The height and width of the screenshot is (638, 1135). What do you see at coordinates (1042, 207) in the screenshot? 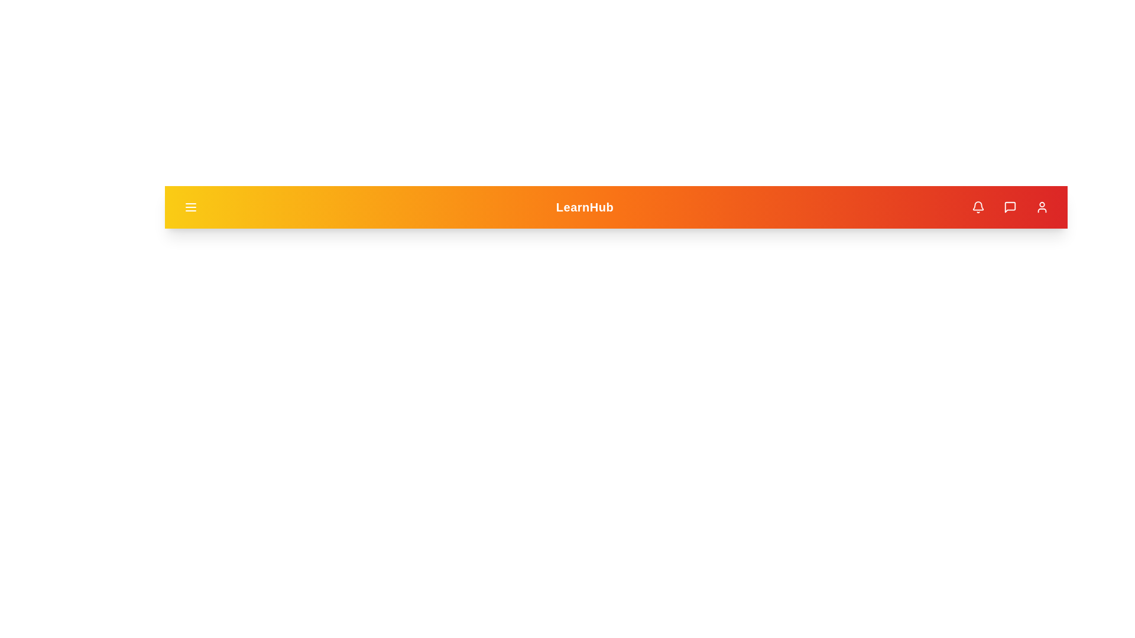
I see `the user profile icon` at bounding box center [1042, 207].